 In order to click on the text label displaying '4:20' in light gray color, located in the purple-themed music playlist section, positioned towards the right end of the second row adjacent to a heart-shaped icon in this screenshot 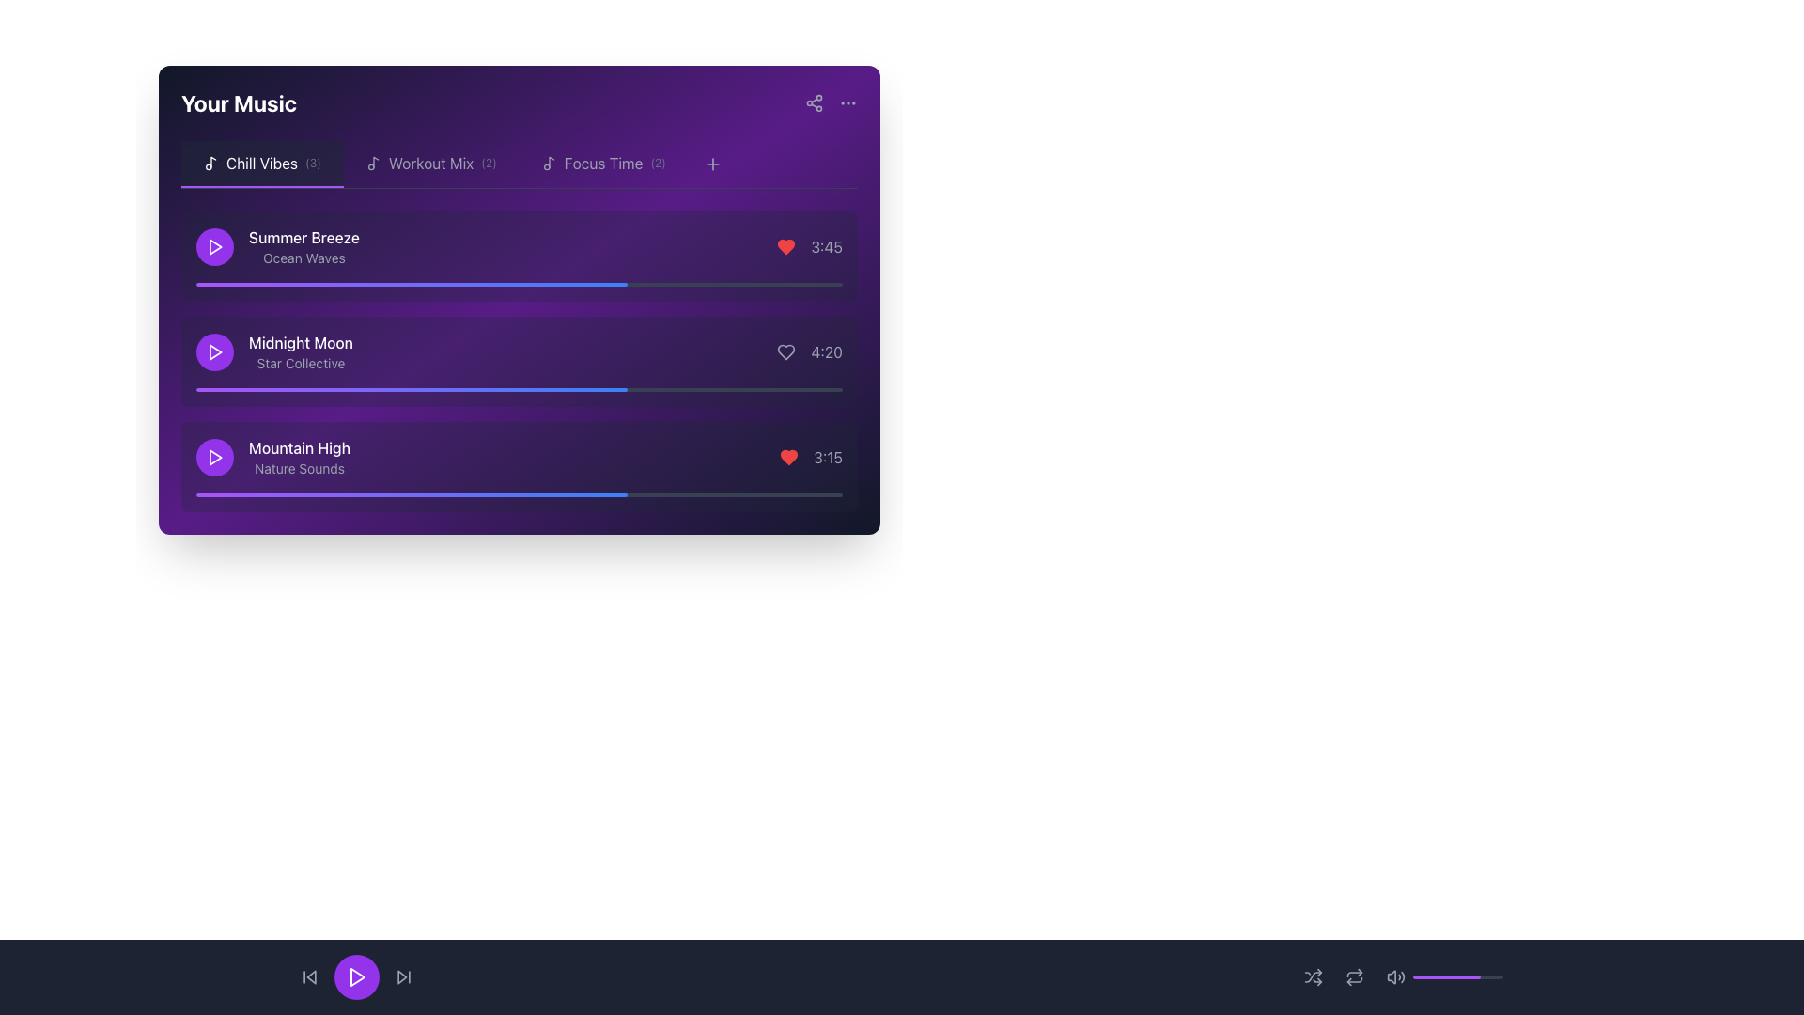, I will do `click(827, 351)`.